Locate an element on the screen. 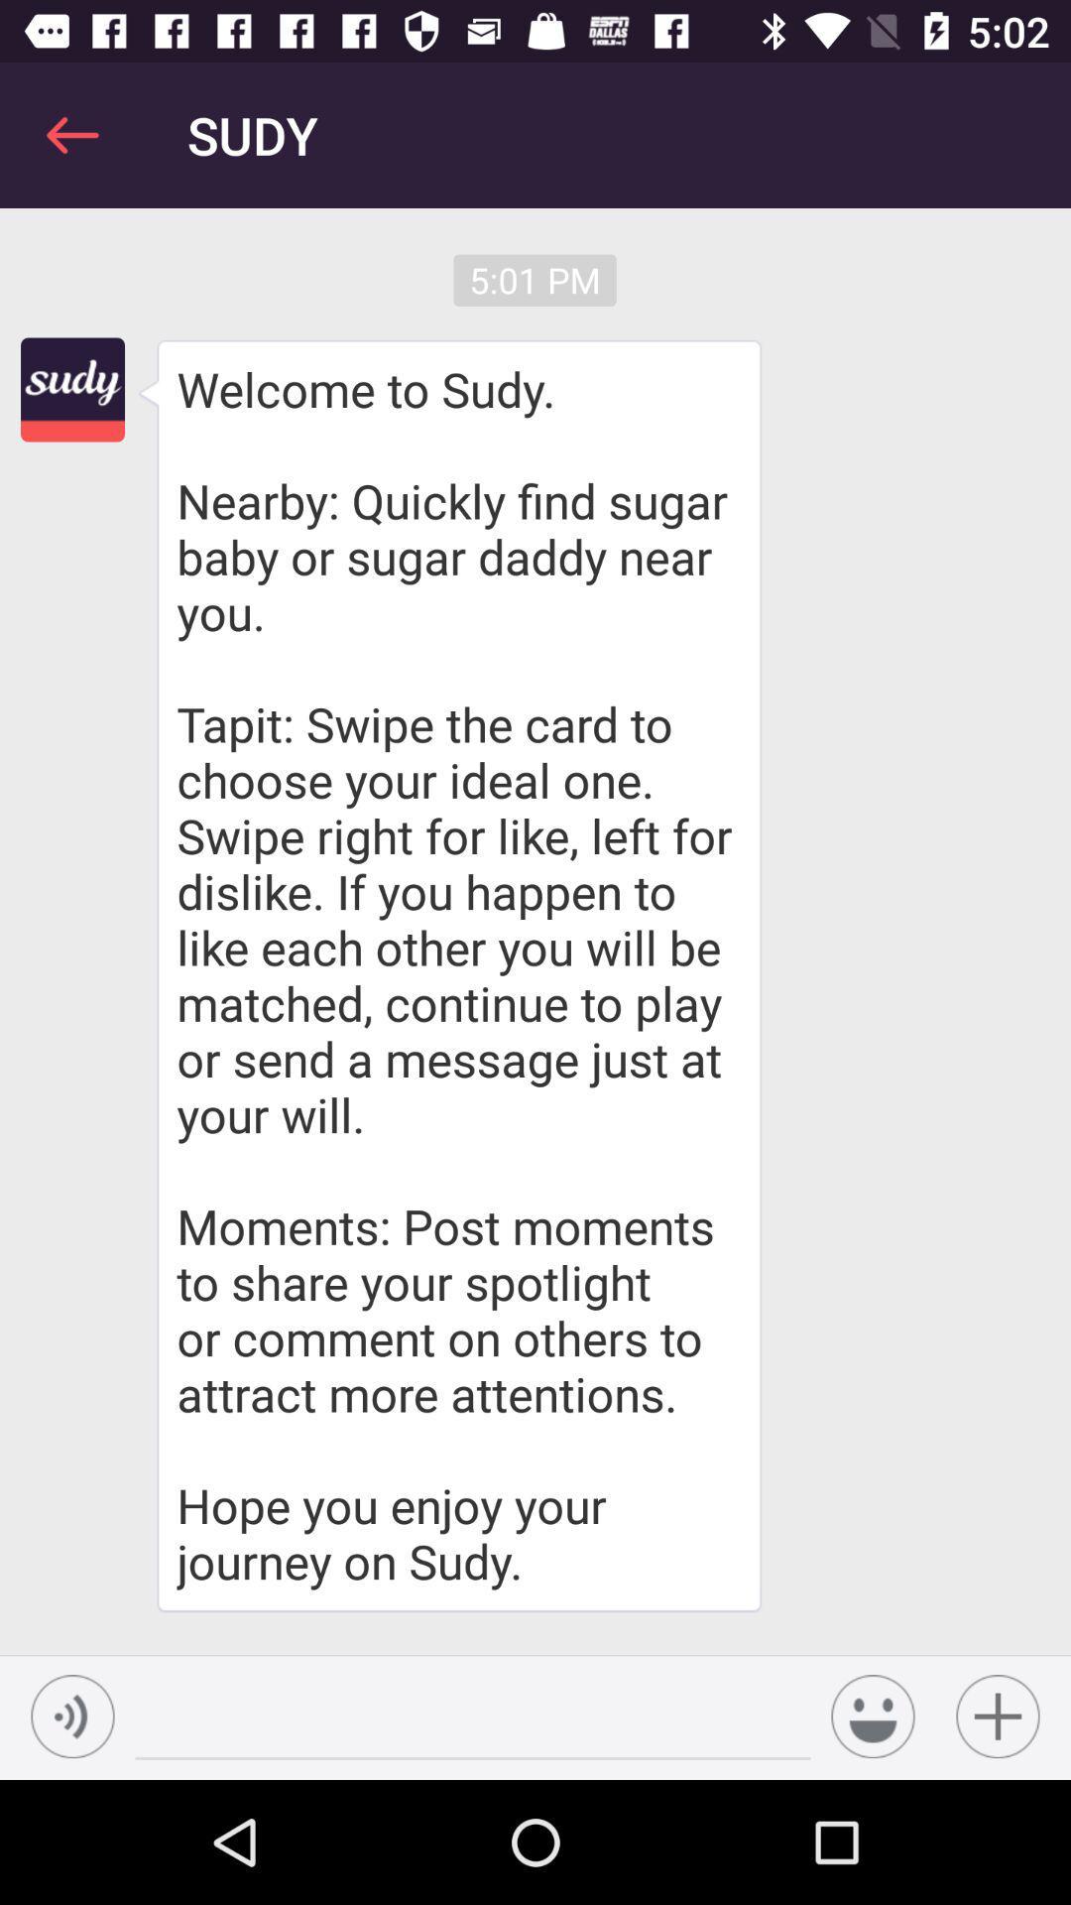  the add icon is located at coordinates (998, 1715).